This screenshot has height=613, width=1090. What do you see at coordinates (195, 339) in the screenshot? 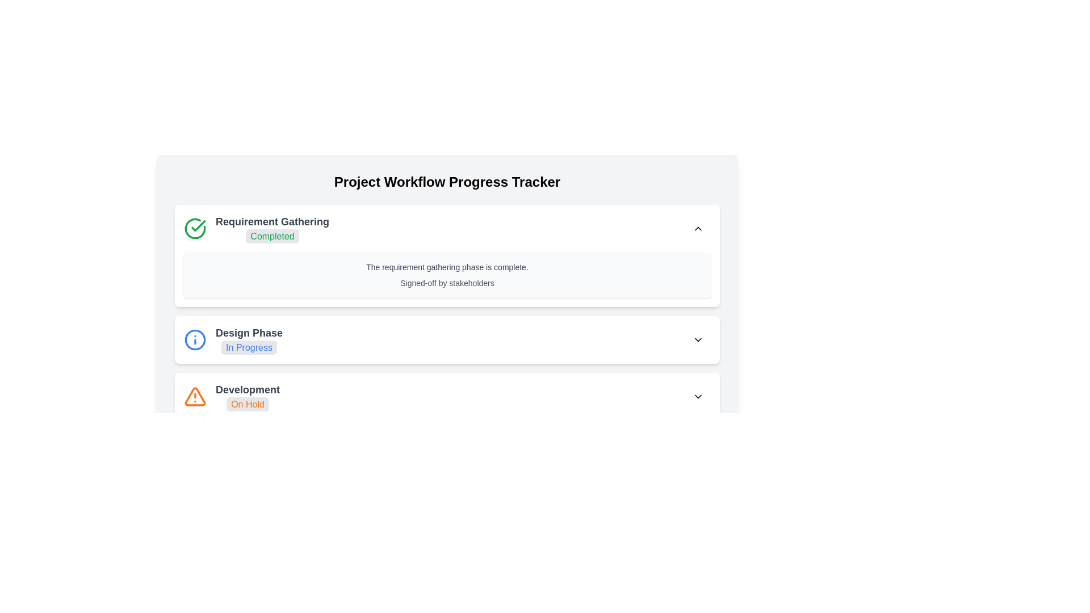
I see `the circular SVG element with a blue outline located in the 'Design Phase' section of the interface` at bounding box center [195, 339].